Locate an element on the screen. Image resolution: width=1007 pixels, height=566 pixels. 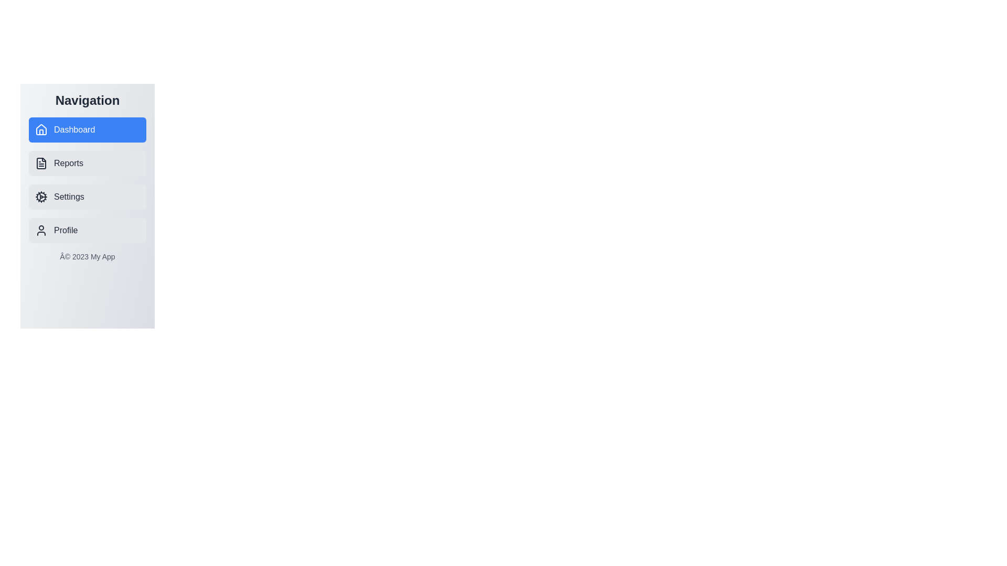
the navigation button for 'Settings' located in the vertical menu, positioned between 'Reports' and 'Profile' is located at coordinates (88, 197).